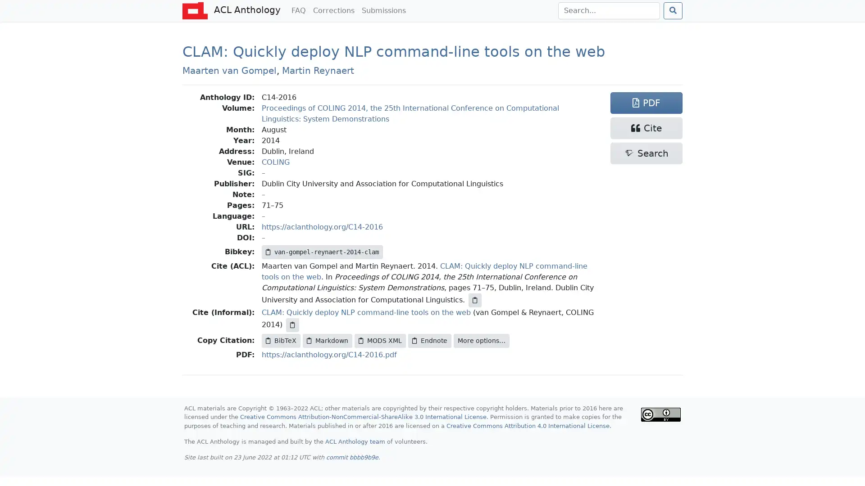  Describe the element at coordinates (380, 341) in the screenshot. I see `MODS XML` at that location.